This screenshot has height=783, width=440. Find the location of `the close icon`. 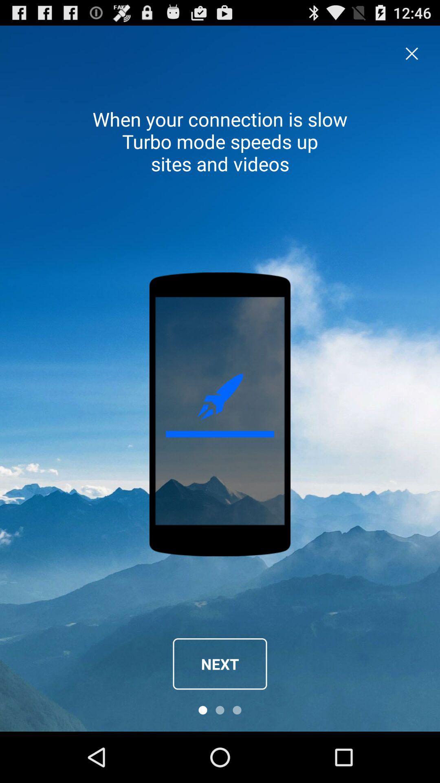

the close icon is located at coordinates (411, 57).